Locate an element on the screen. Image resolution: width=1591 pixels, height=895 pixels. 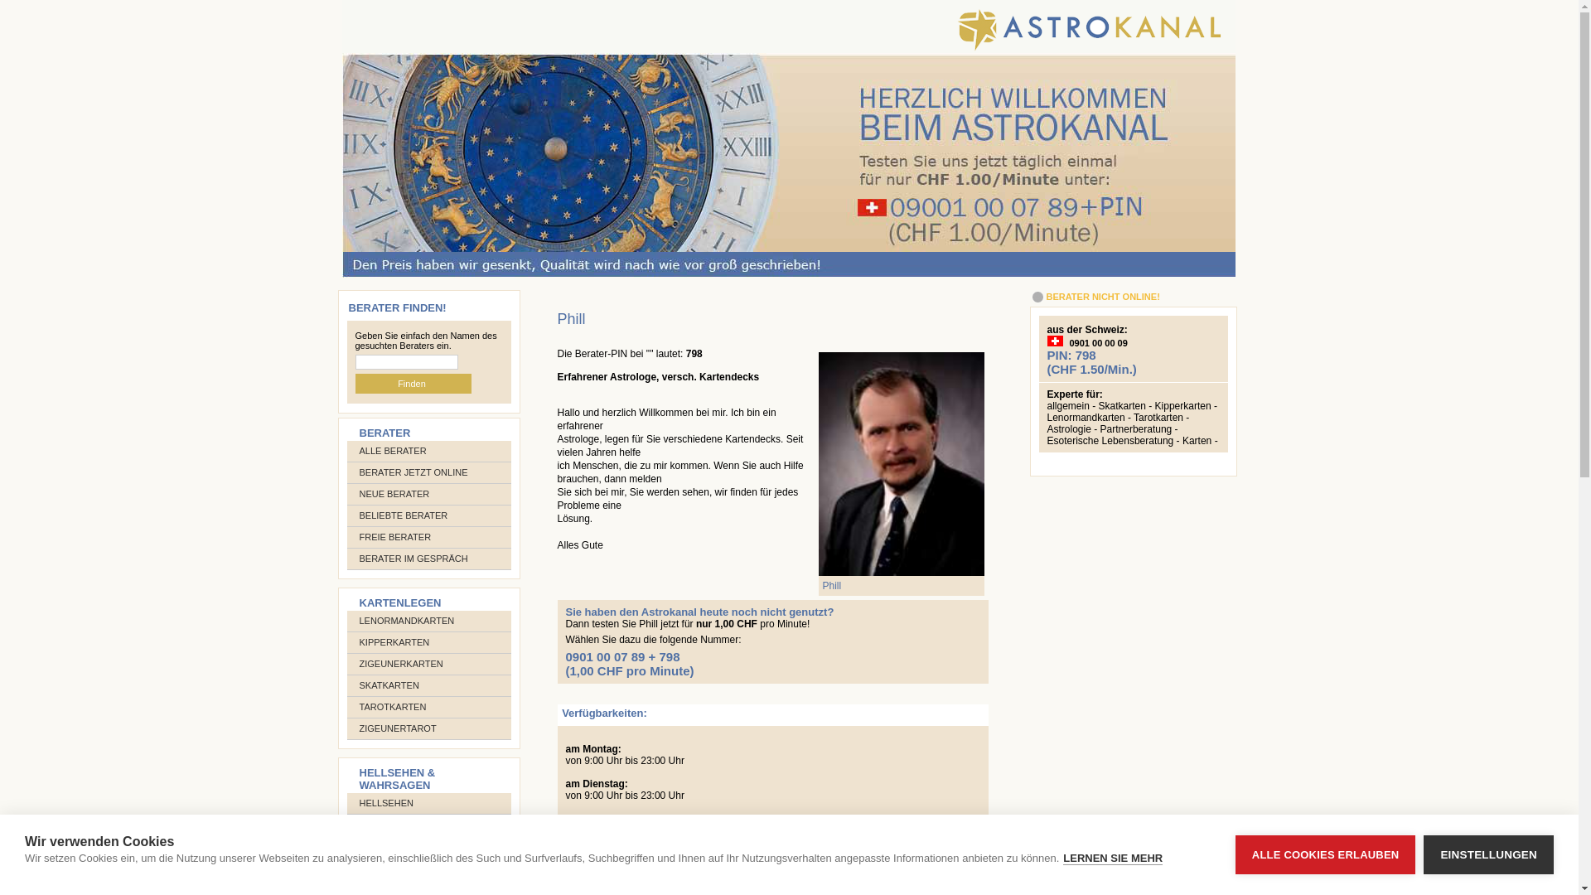
'BERATER JETZT ONLINE' is located at coordinates (413, 472).